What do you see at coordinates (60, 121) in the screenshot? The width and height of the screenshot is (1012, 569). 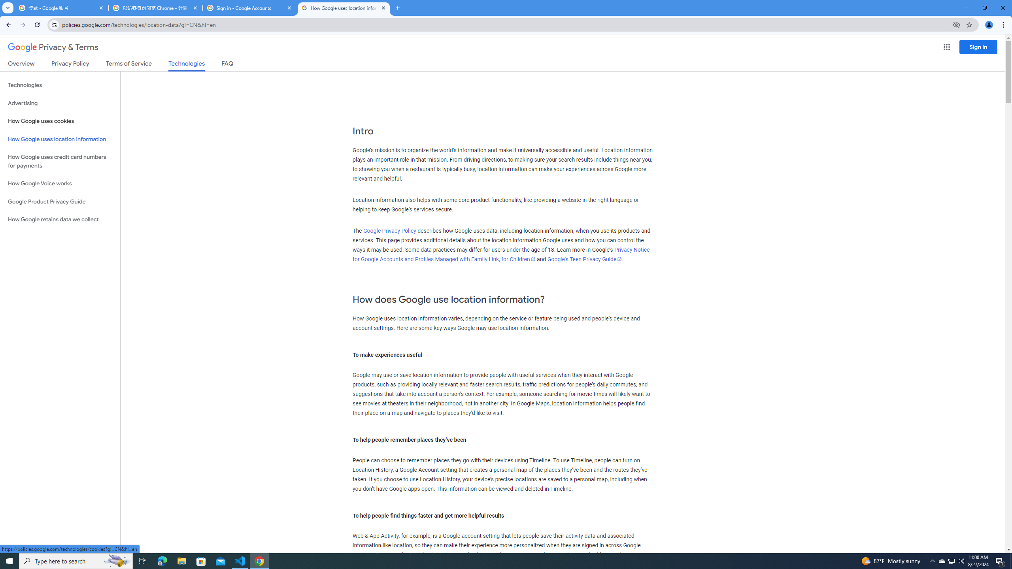 I see `'How Google uses cookies'` at bounding box center [60, 121].